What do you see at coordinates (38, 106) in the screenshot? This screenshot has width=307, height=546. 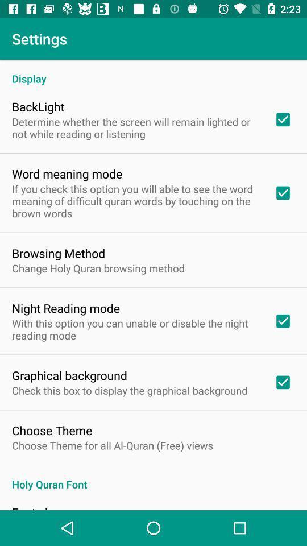 I see `icon above determine whether the` at bounding box center [38, 106].